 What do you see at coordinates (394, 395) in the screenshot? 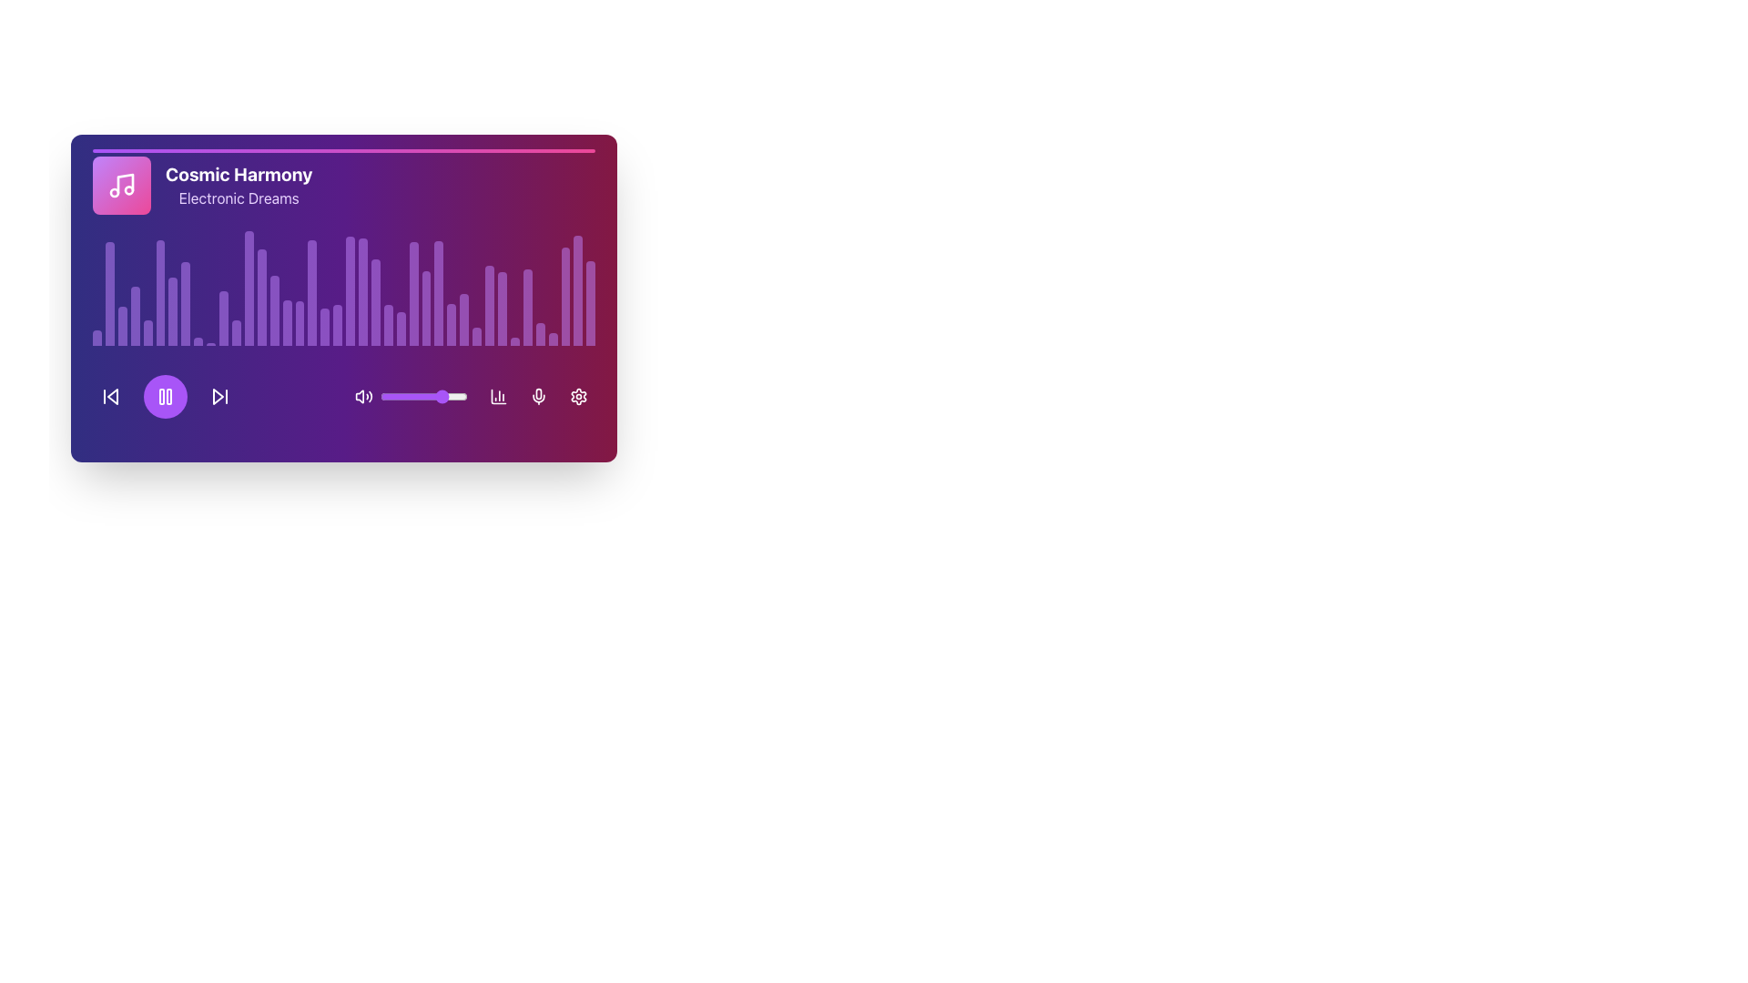
I see `the volume level` at bounding box center [394, 395].